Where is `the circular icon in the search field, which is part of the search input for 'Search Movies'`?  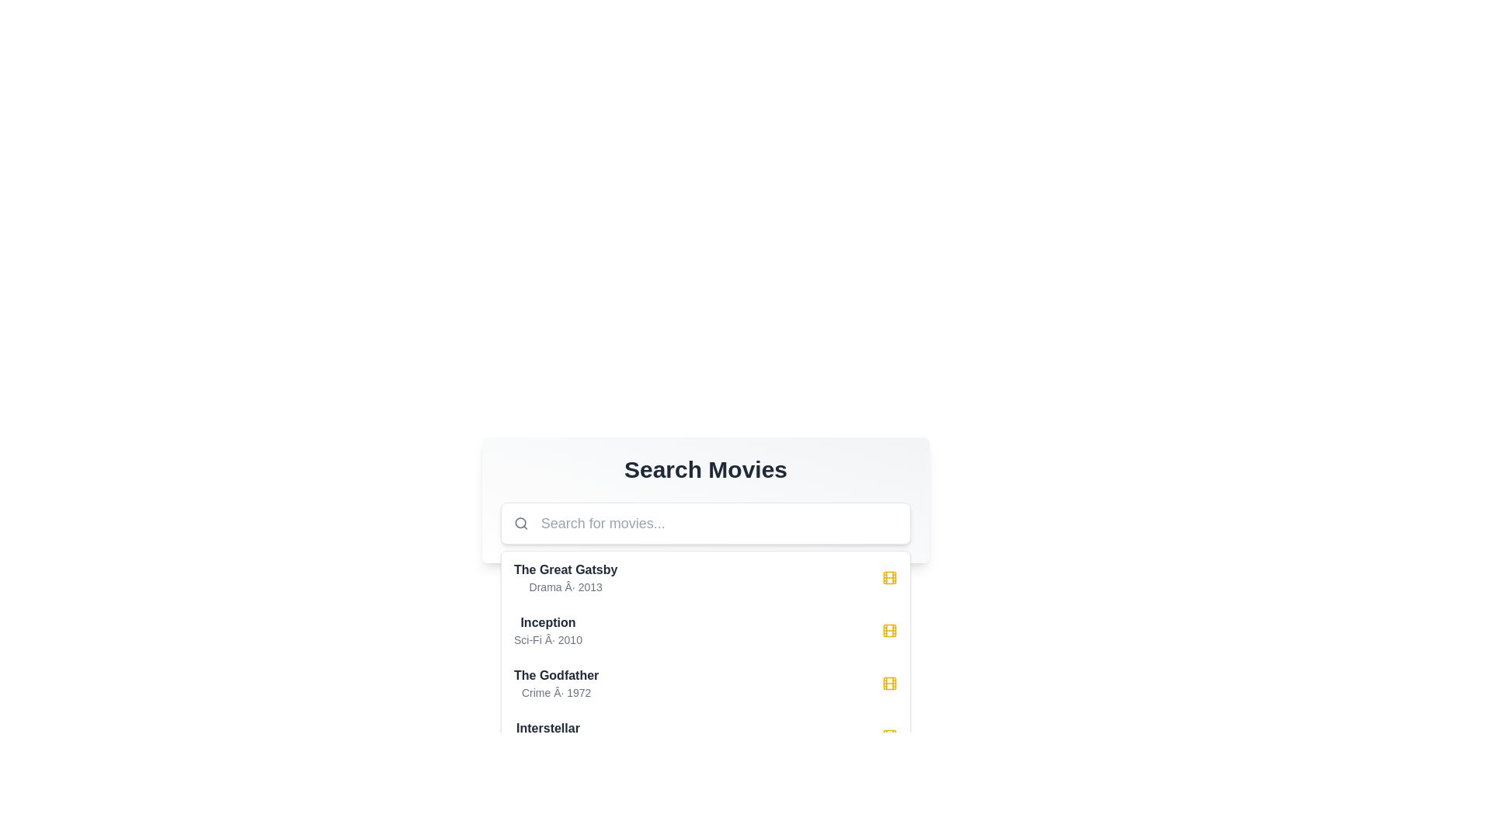
the circular icon in the search field, which is part of the search input for 'Search Movies' is located at coordinates (520, 523).